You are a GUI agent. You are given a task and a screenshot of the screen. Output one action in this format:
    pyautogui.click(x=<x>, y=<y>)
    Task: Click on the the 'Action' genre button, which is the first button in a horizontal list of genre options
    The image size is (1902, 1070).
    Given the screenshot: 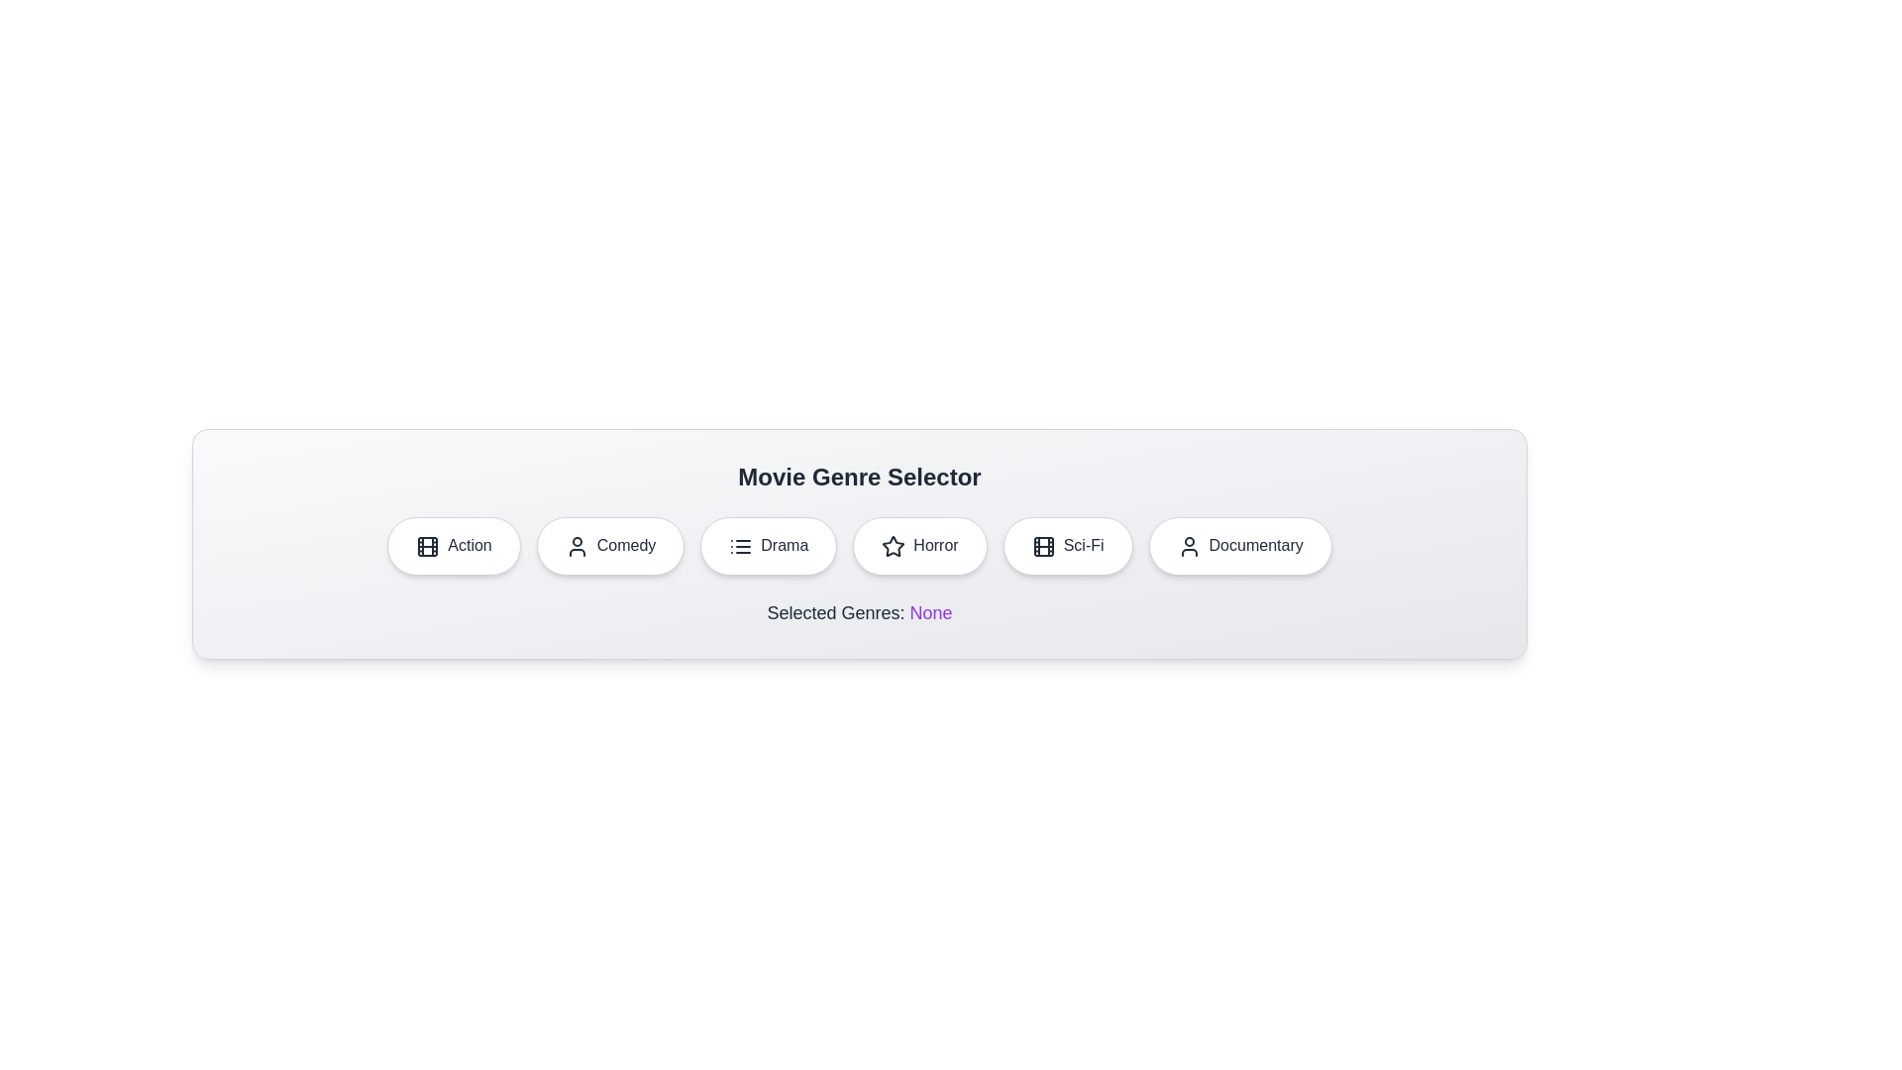 What is the action you would take?
    pyautogui.click(x=453, y=546)
    